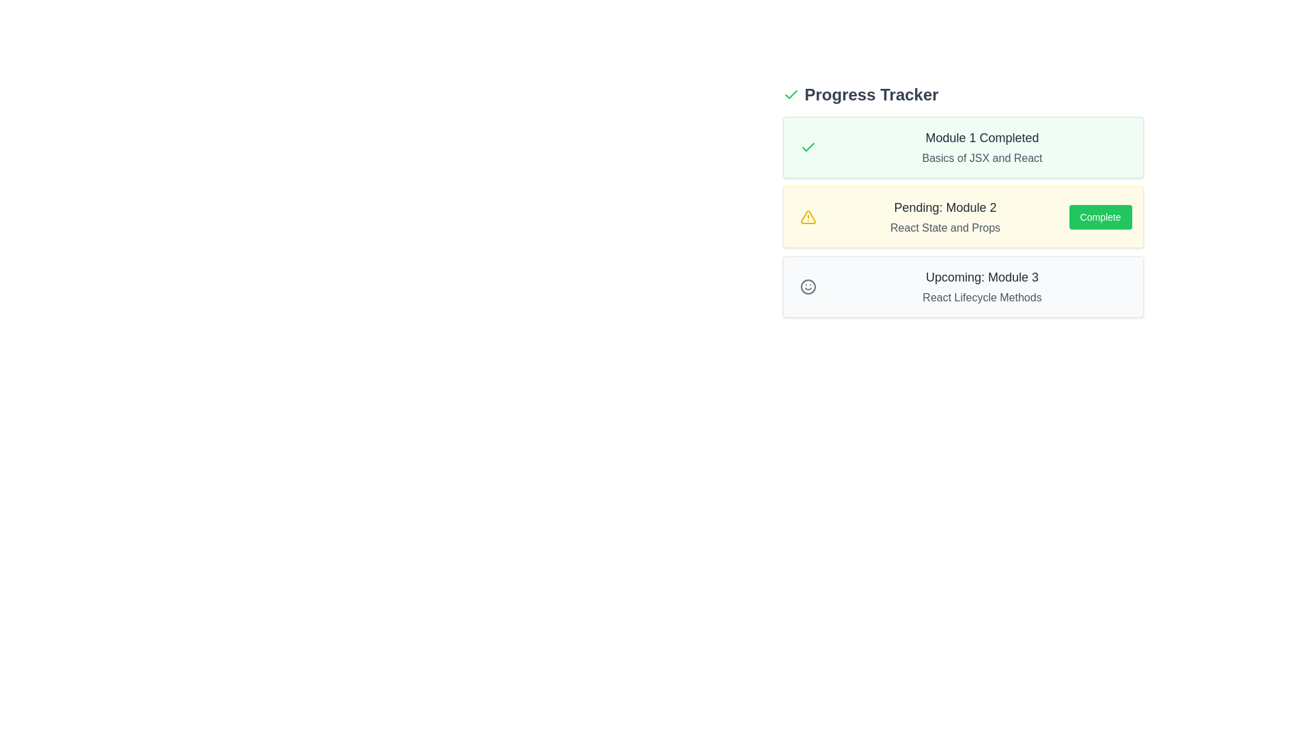 The width and height of the screenshot is (1312, 738). Describe the element at coordinates (808, 286) in the screenshot. I see `the smiley face SVG icon located in the 'Upcoming: Module 3' section of the progress tracker interface` at that location.